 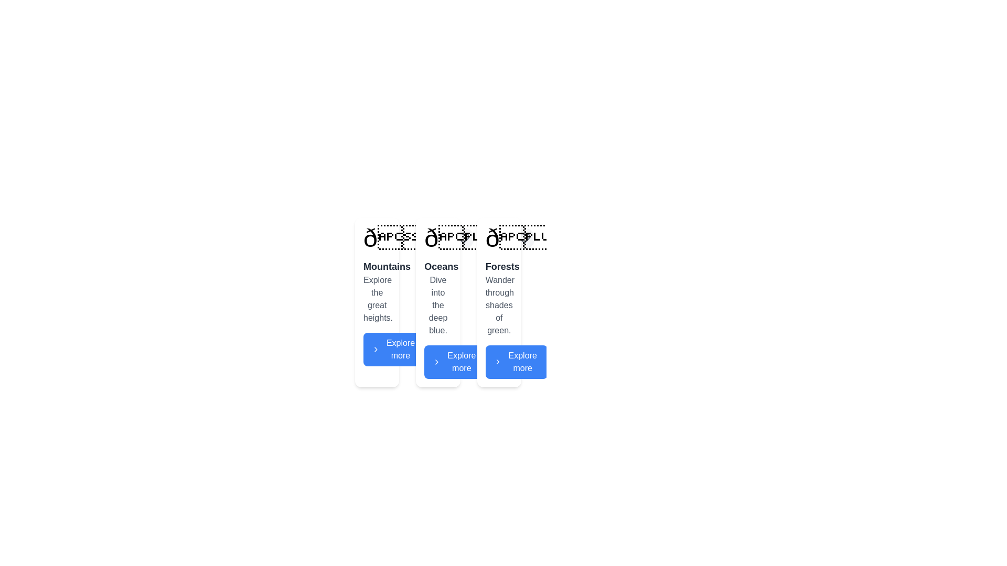 What do you see at coordinates (468, 238) in the screenshot?
I see `the large-sized emoji-like icon at the top of the card labeled 'Oceans', which is styled with the class 'text-5xl'` at bounding box center [468, 238].